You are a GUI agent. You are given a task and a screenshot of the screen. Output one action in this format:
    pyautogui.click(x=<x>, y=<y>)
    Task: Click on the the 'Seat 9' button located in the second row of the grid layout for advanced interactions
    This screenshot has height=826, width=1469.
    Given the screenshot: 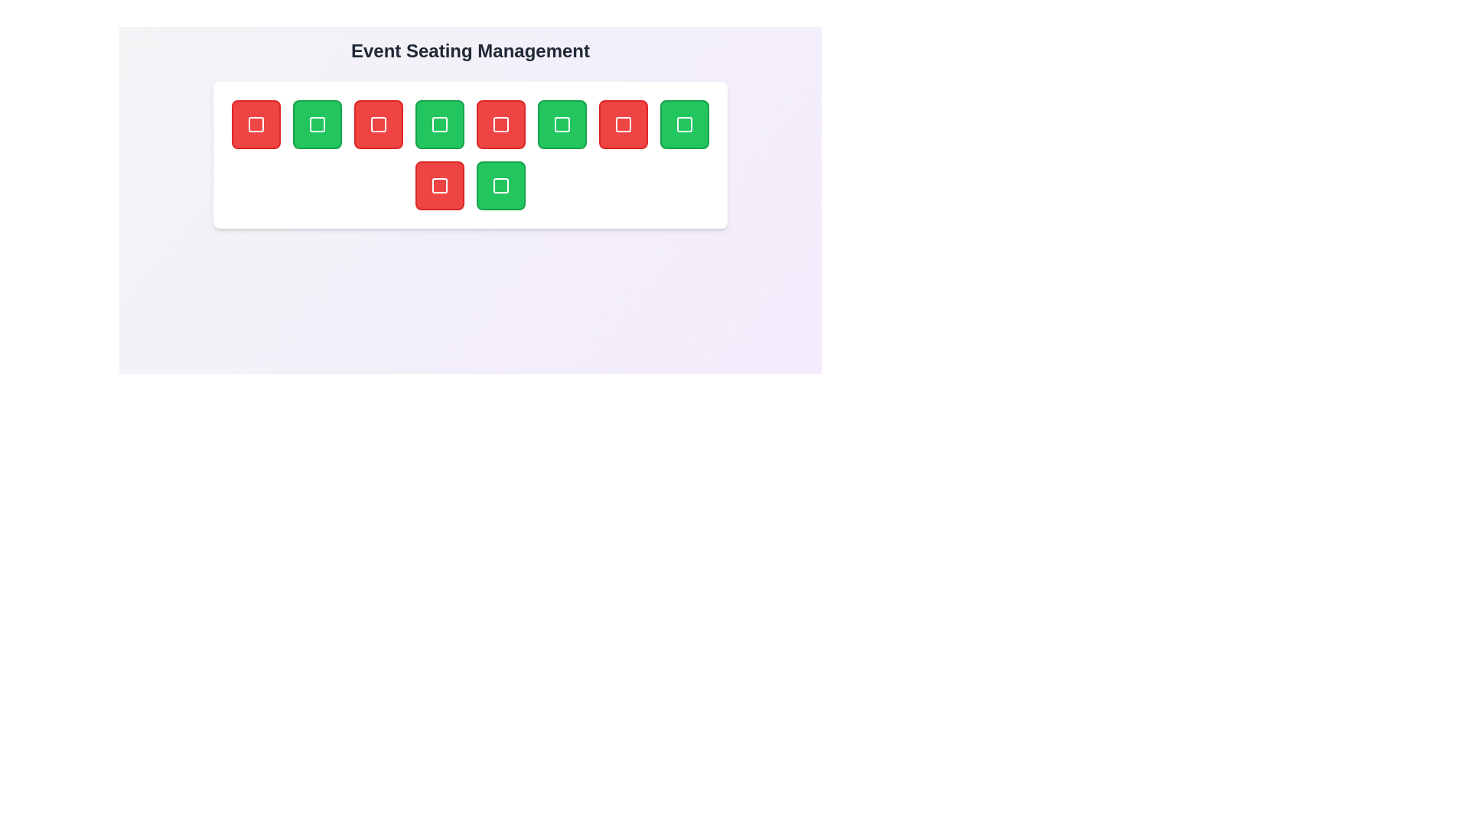 What is the action you would take?
    pyautogui.click(x=439, y=185)
    